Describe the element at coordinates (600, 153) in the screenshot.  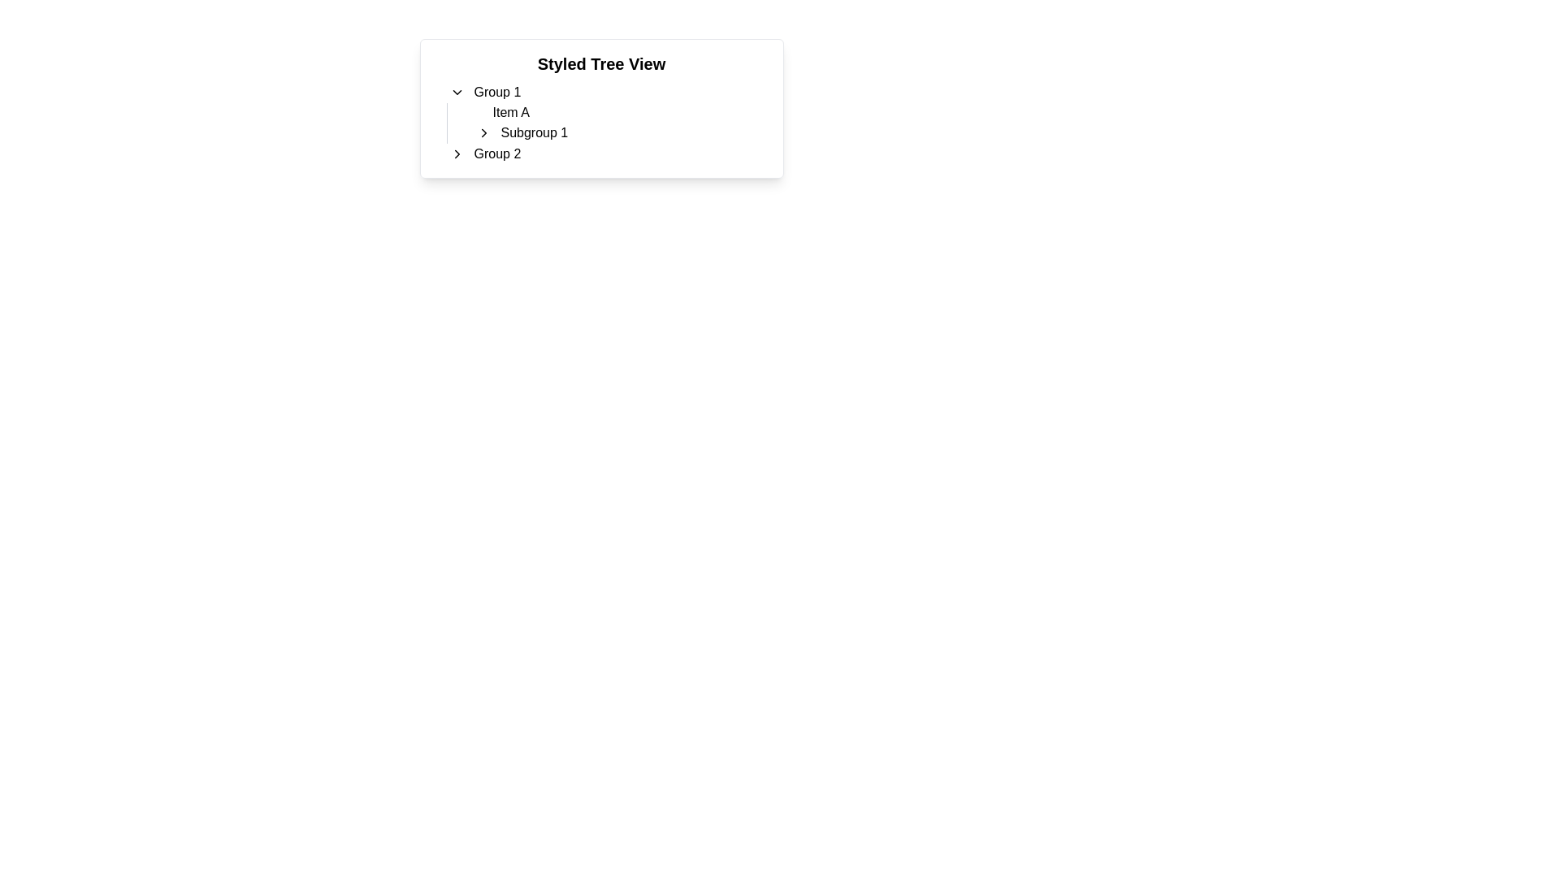
I see `the Tree view node labeled 'Group 2', which is visually distinct as the last item in the displayed tree view` at that location.